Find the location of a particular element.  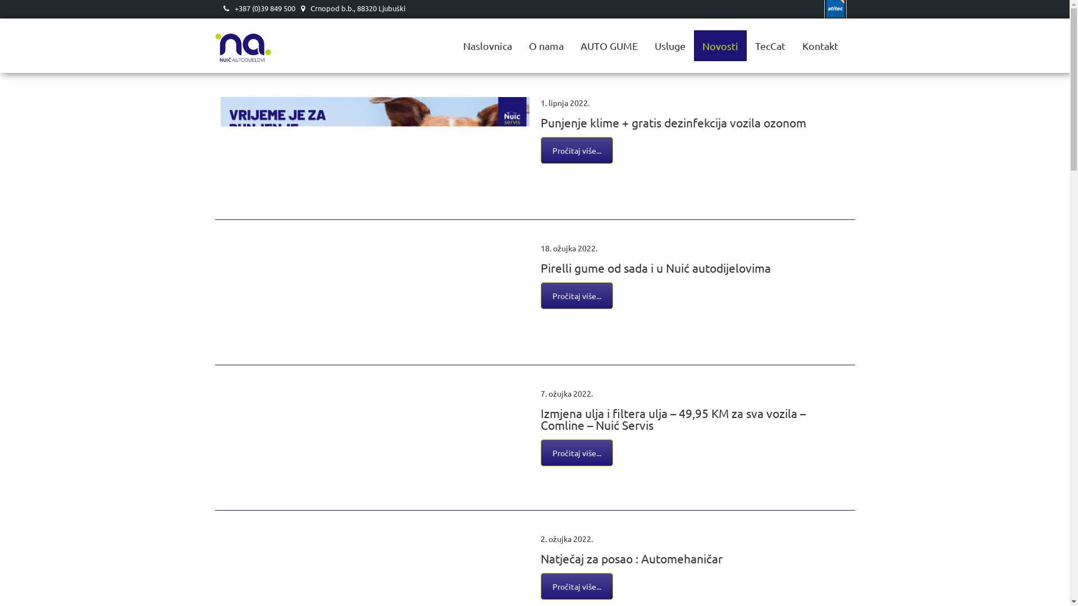

'AUTO GUME' is located at coordinates (608, 45).